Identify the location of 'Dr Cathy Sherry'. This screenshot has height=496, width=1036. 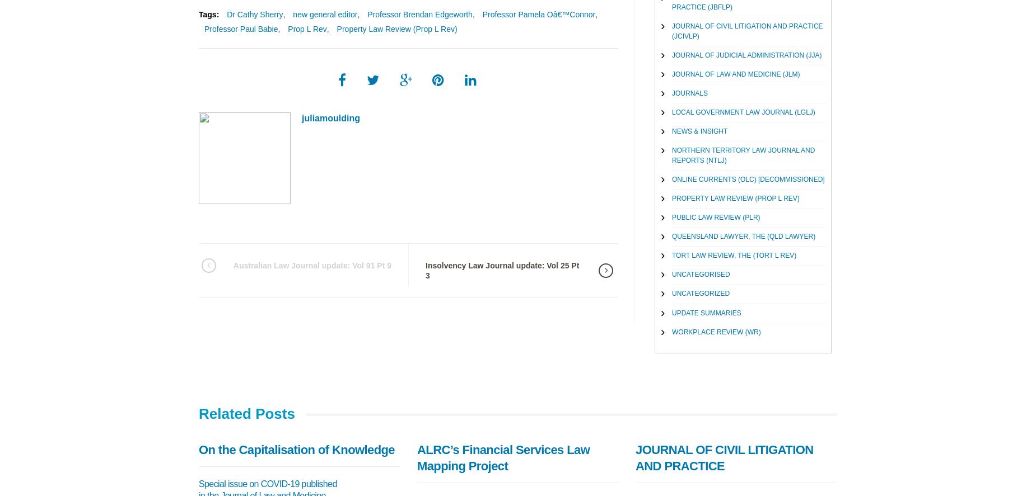
(254, 14).